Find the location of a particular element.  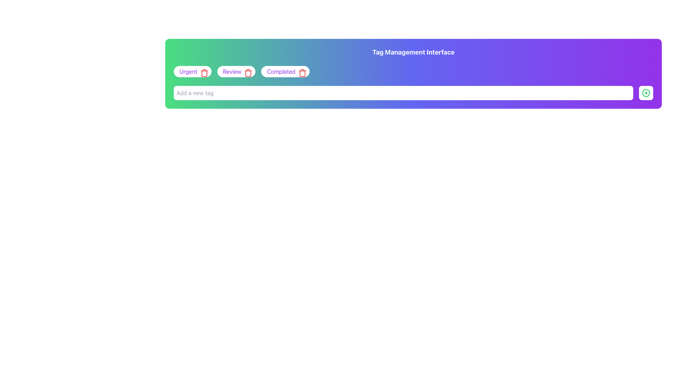

the 'Add New Item' button located in the top-right corner of the purple gradient bar is located at coordinates (646, 93).